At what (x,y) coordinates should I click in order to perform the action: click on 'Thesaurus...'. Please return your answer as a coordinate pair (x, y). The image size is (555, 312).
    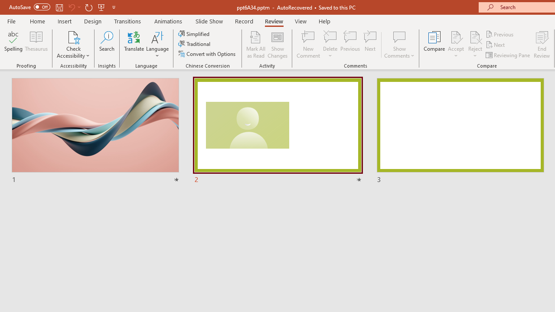
    Looking at the image, I should click on (36, 45).